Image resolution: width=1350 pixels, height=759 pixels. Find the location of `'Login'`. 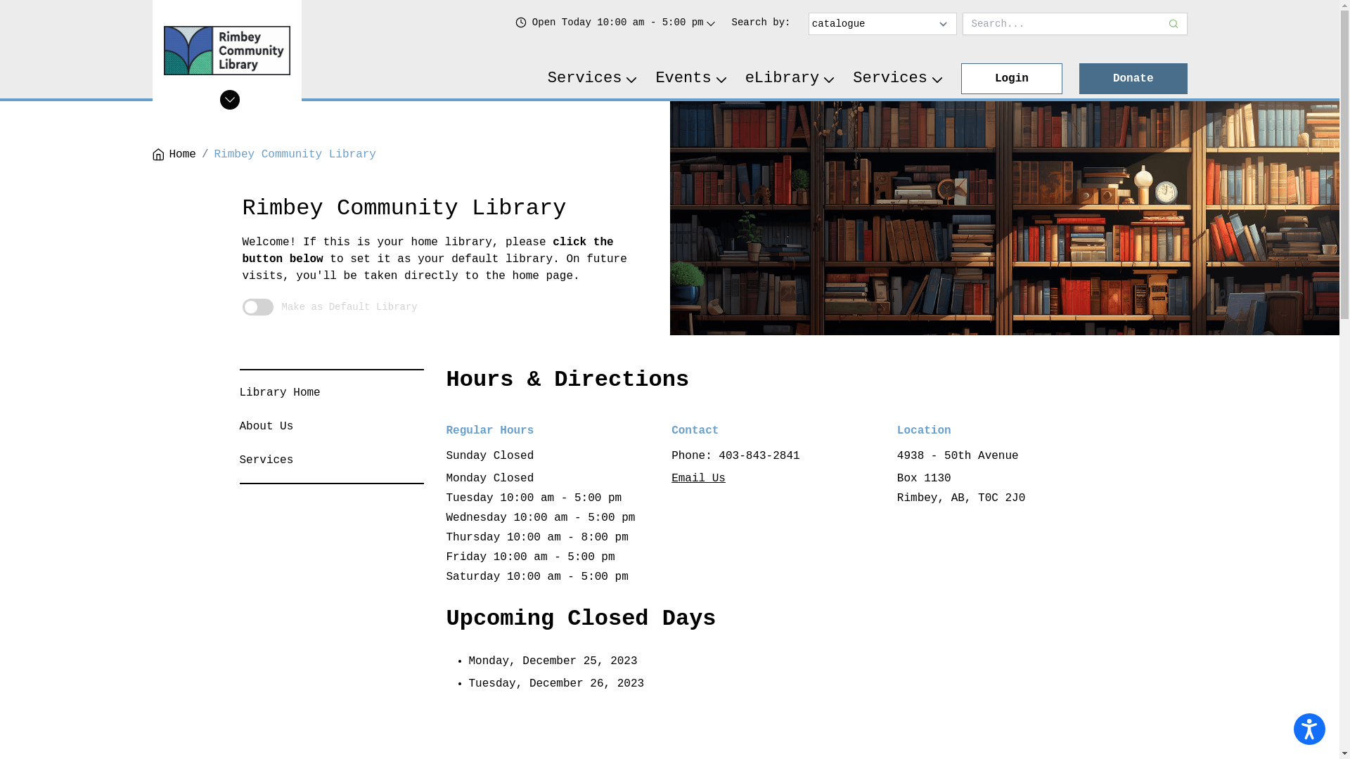

'Login' is located at coordinates (1011, 78).